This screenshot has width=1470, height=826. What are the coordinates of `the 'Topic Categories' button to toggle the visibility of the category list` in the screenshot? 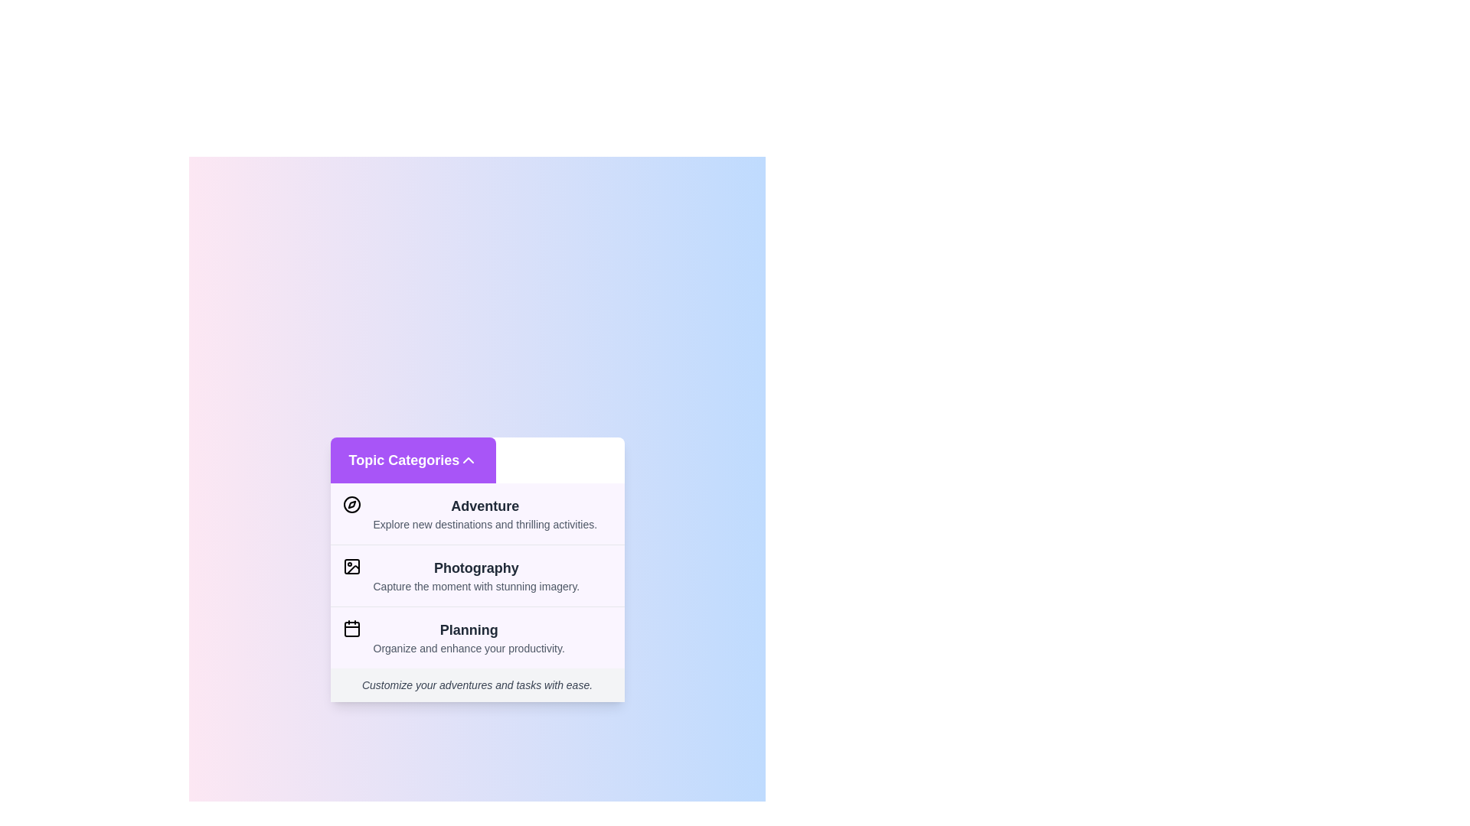 It's located at (412, 459).